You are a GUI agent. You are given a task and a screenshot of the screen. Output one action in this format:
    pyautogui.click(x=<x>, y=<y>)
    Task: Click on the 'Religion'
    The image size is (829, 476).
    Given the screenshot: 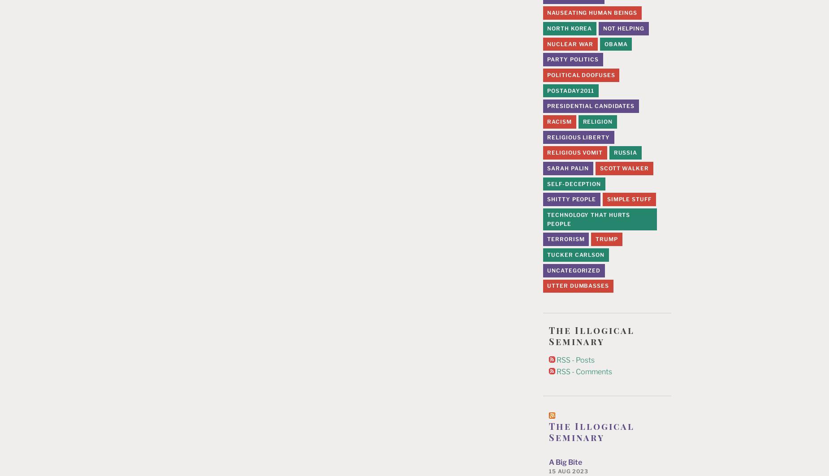 What is the action you would take?
    pyautogui.click(x=596, y=121)
    